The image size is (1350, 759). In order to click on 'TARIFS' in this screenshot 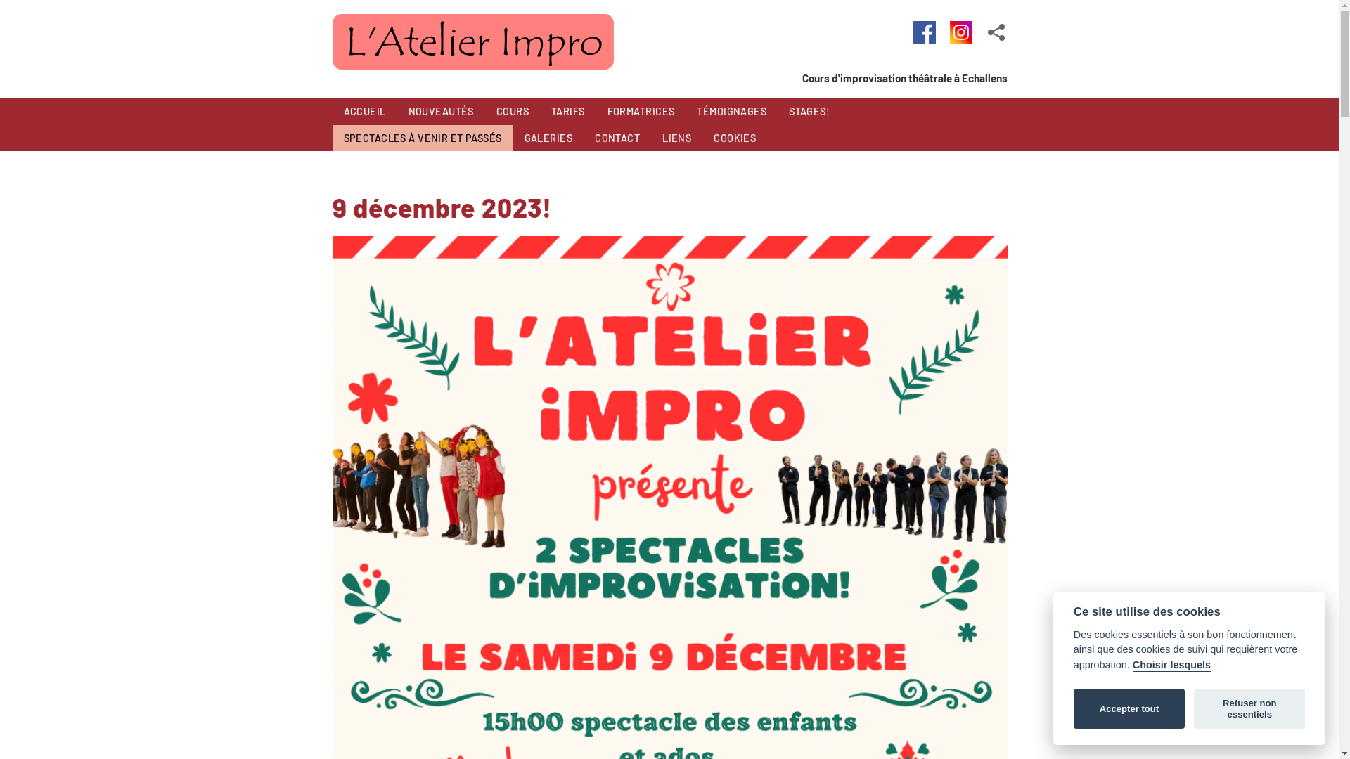, I will do `click(567, 110)`.